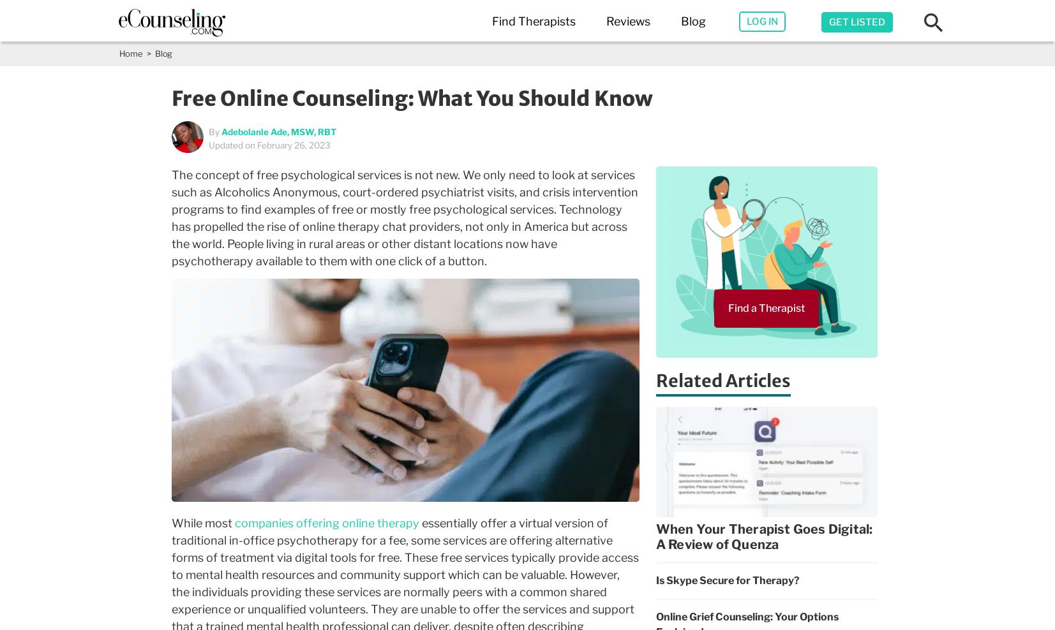 The width and height of the screenshot is (1055, 630). I want to click on 'Los Angeles,CA', so click(384, 337).